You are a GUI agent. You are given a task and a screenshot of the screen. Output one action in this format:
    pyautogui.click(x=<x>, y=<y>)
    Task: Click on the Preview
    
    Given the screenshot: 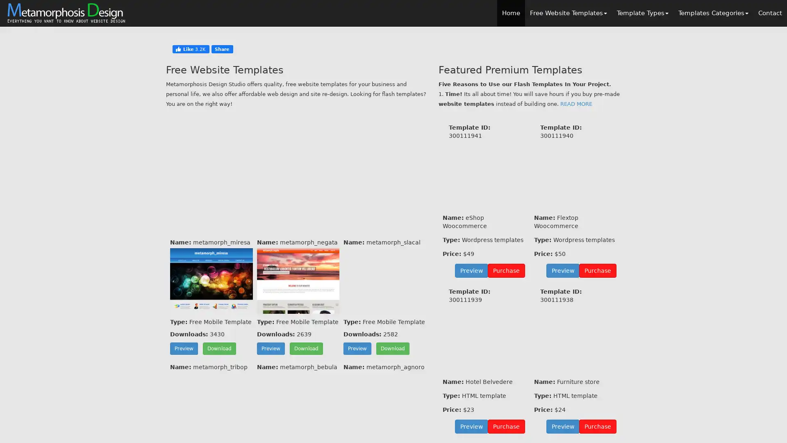 What is the action you would take?
    pyautogui.click(x=471, y=270)
    